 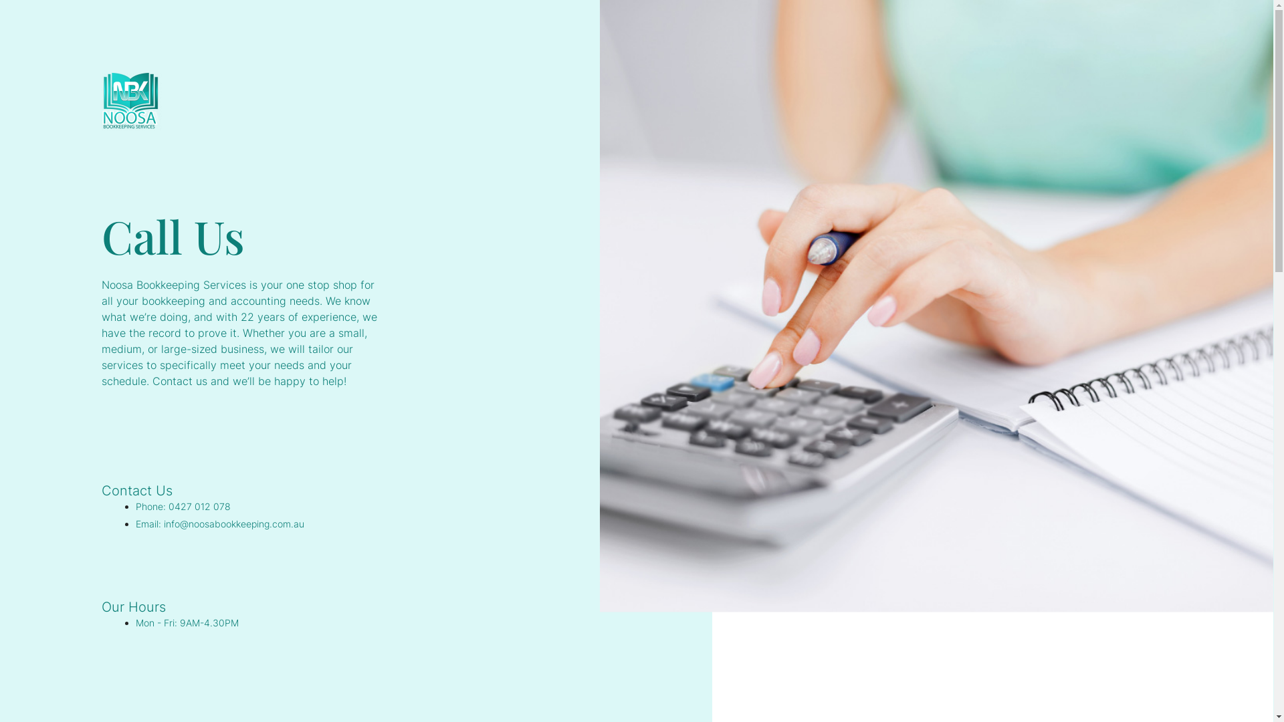 I want to click on 'Phone: 0427 012 078', so click(x=182, y=506).